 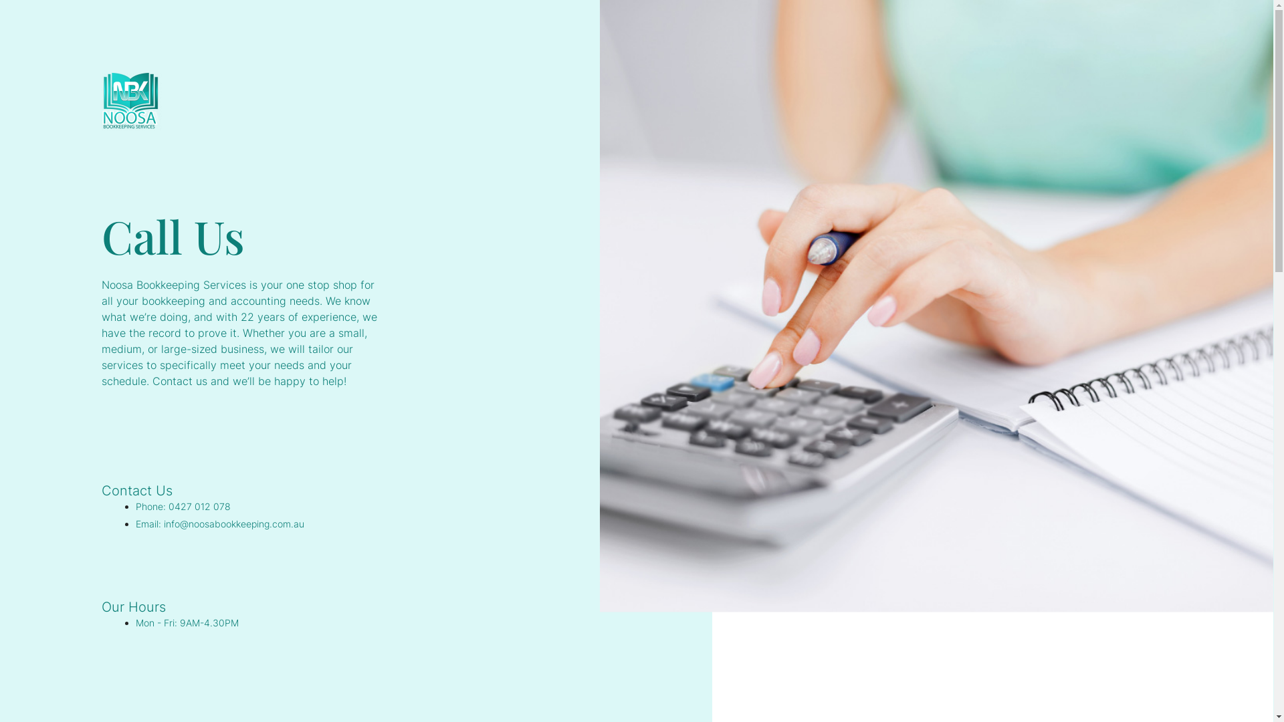 I want to click on 'Phone: 0427 012 078', so click(x=182, y=506).